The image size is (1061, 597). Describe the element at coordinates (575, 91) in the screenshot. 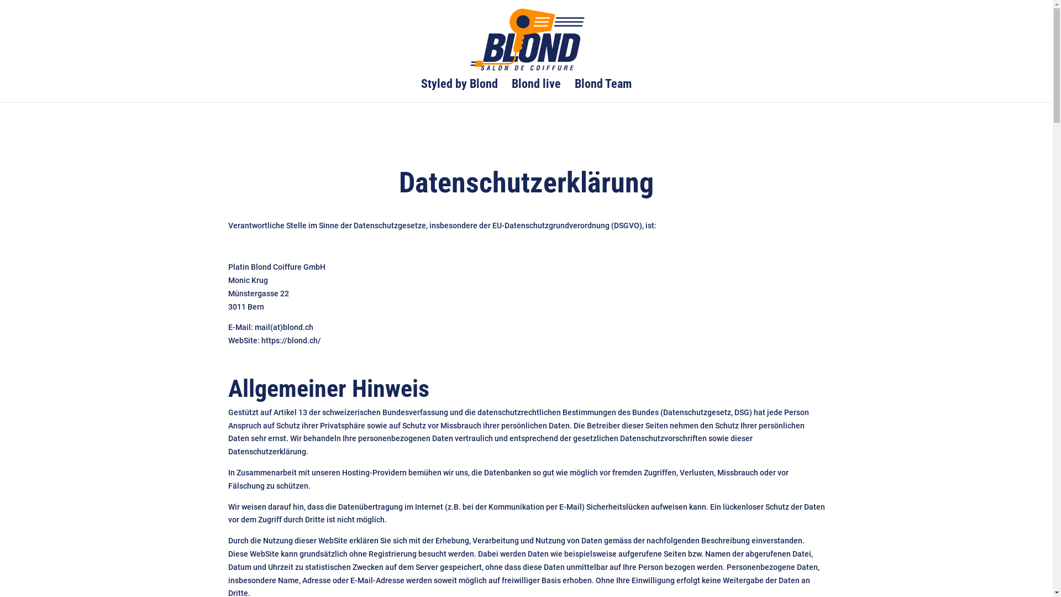

I see `'Blond Team'` at that location.